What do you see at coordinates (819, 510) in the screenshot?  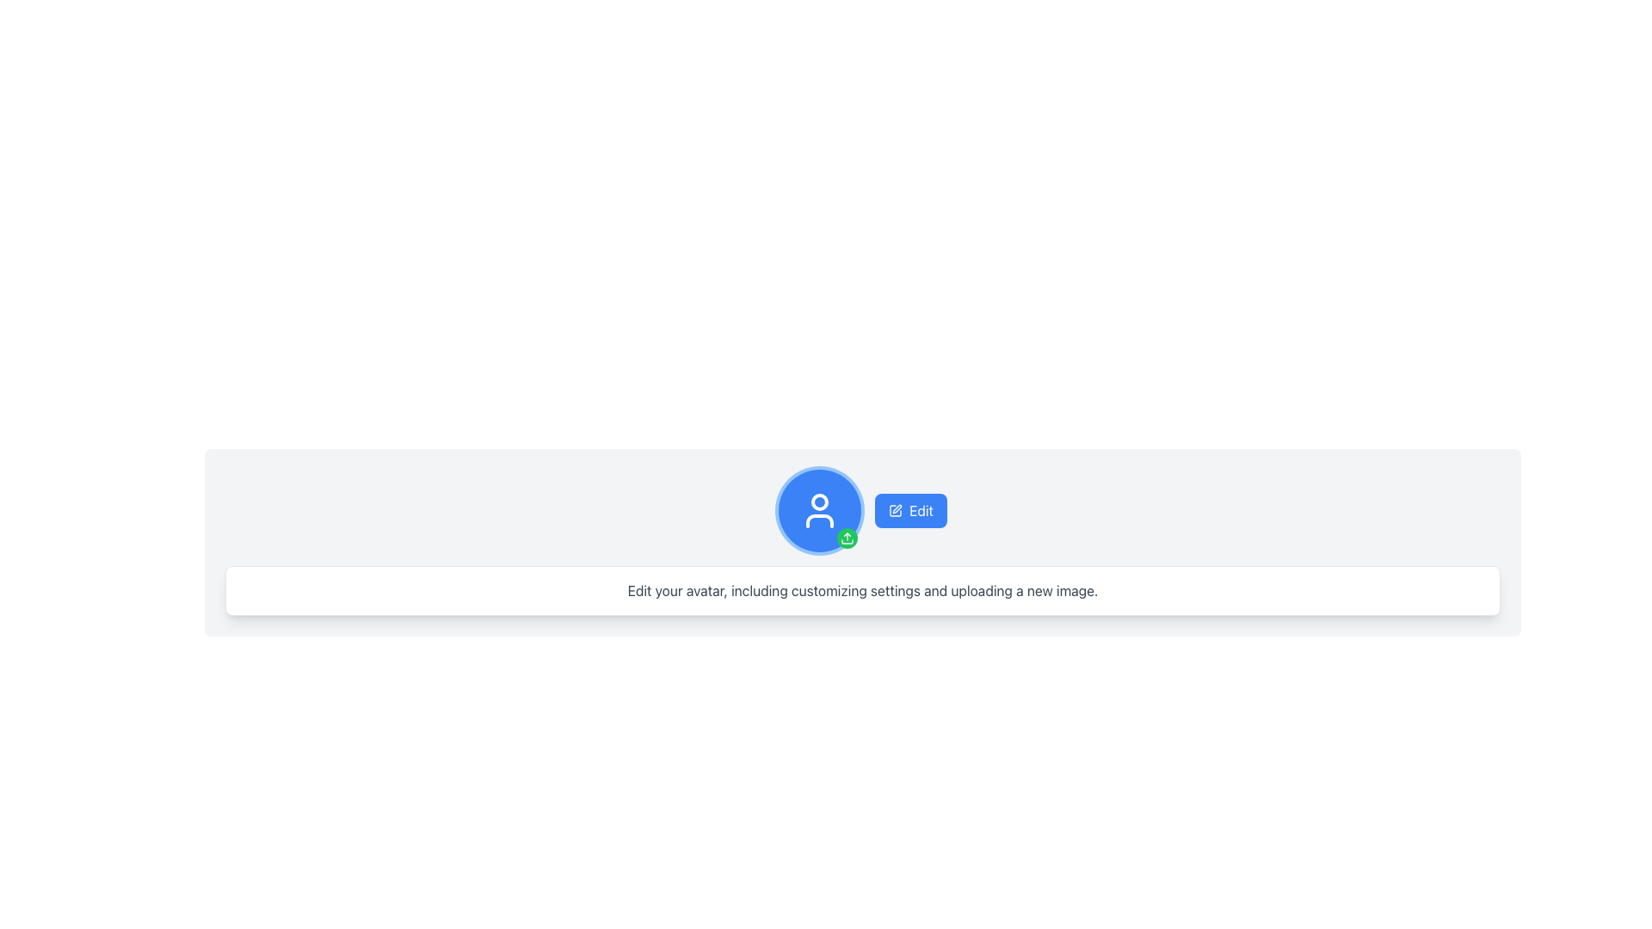 I see `the circular user icon with a blue background and white user outline` at bounding box center [819, 510].